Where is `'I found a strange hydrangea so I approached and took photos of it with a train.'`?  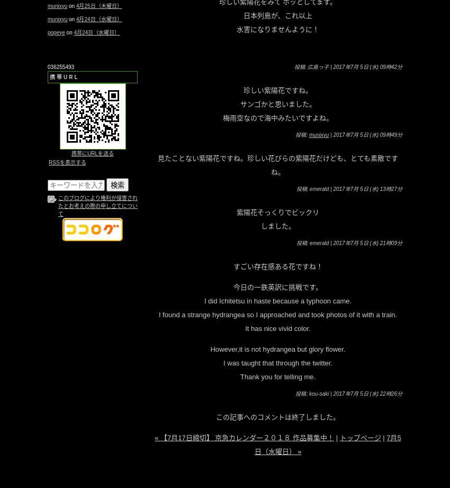 'I found a strange hydrangea so I approached and took photos of it with a train.' is located at coordinates (277, 313).